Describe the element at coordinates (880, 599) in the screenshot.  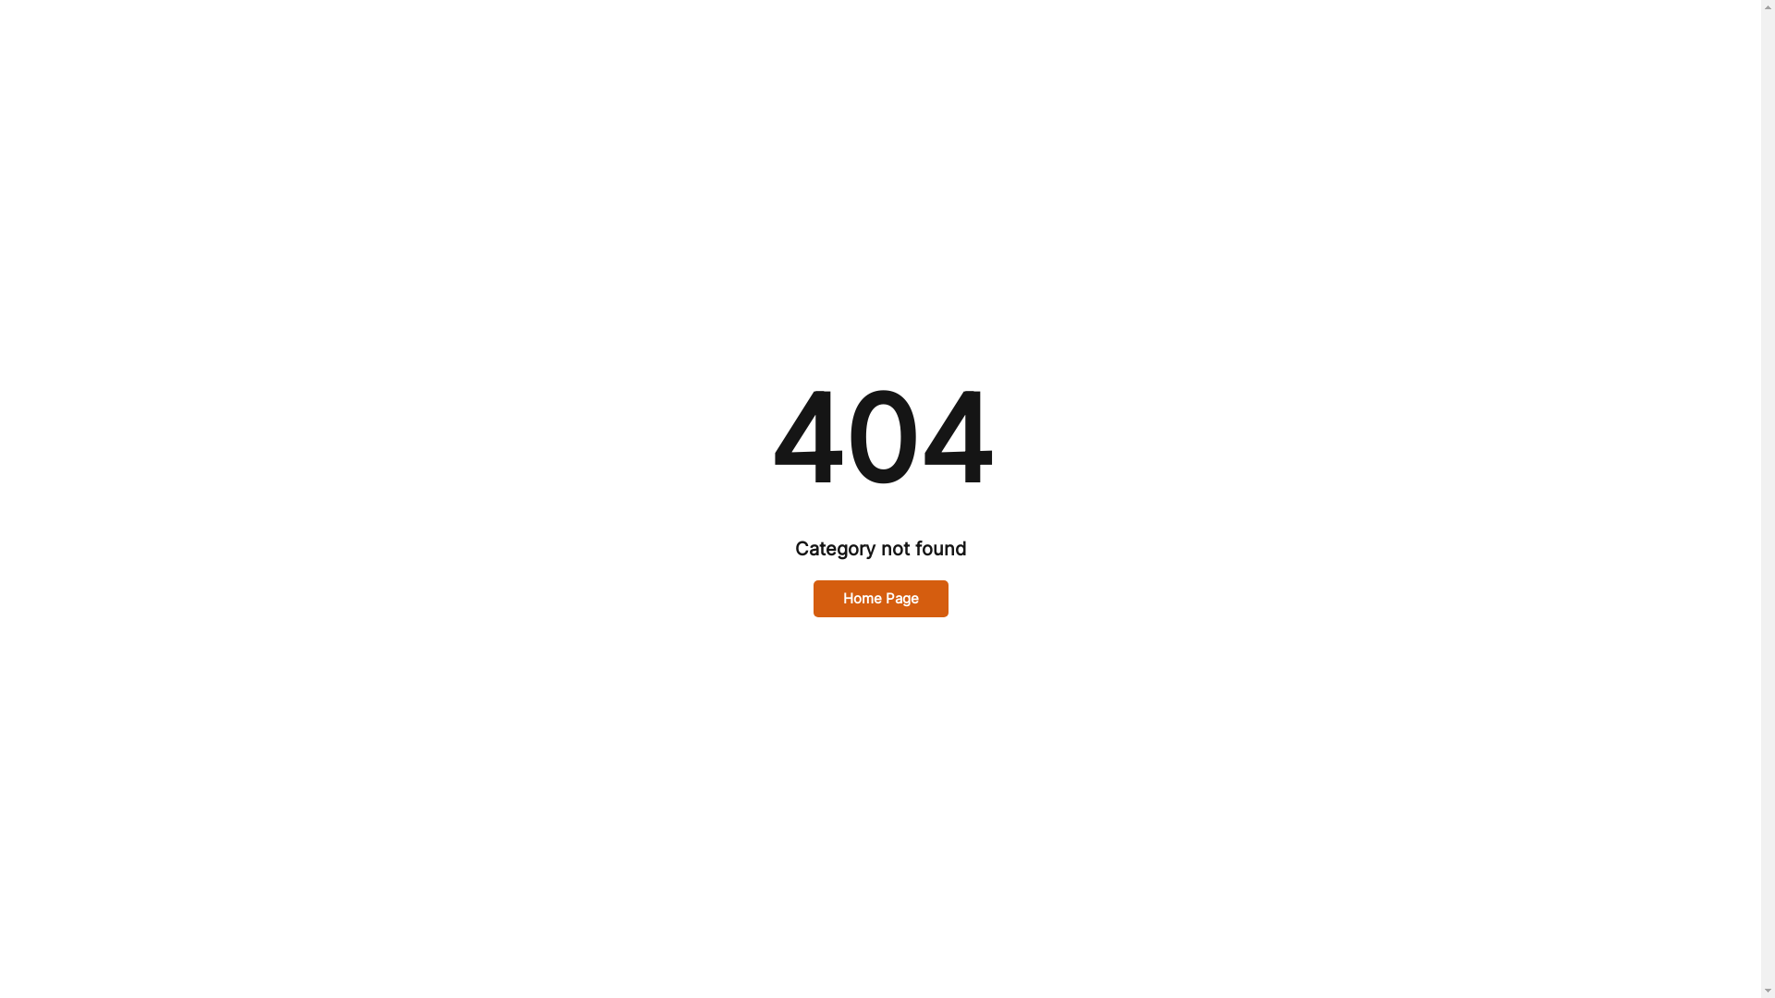
I see `'Home Page'` at that location.